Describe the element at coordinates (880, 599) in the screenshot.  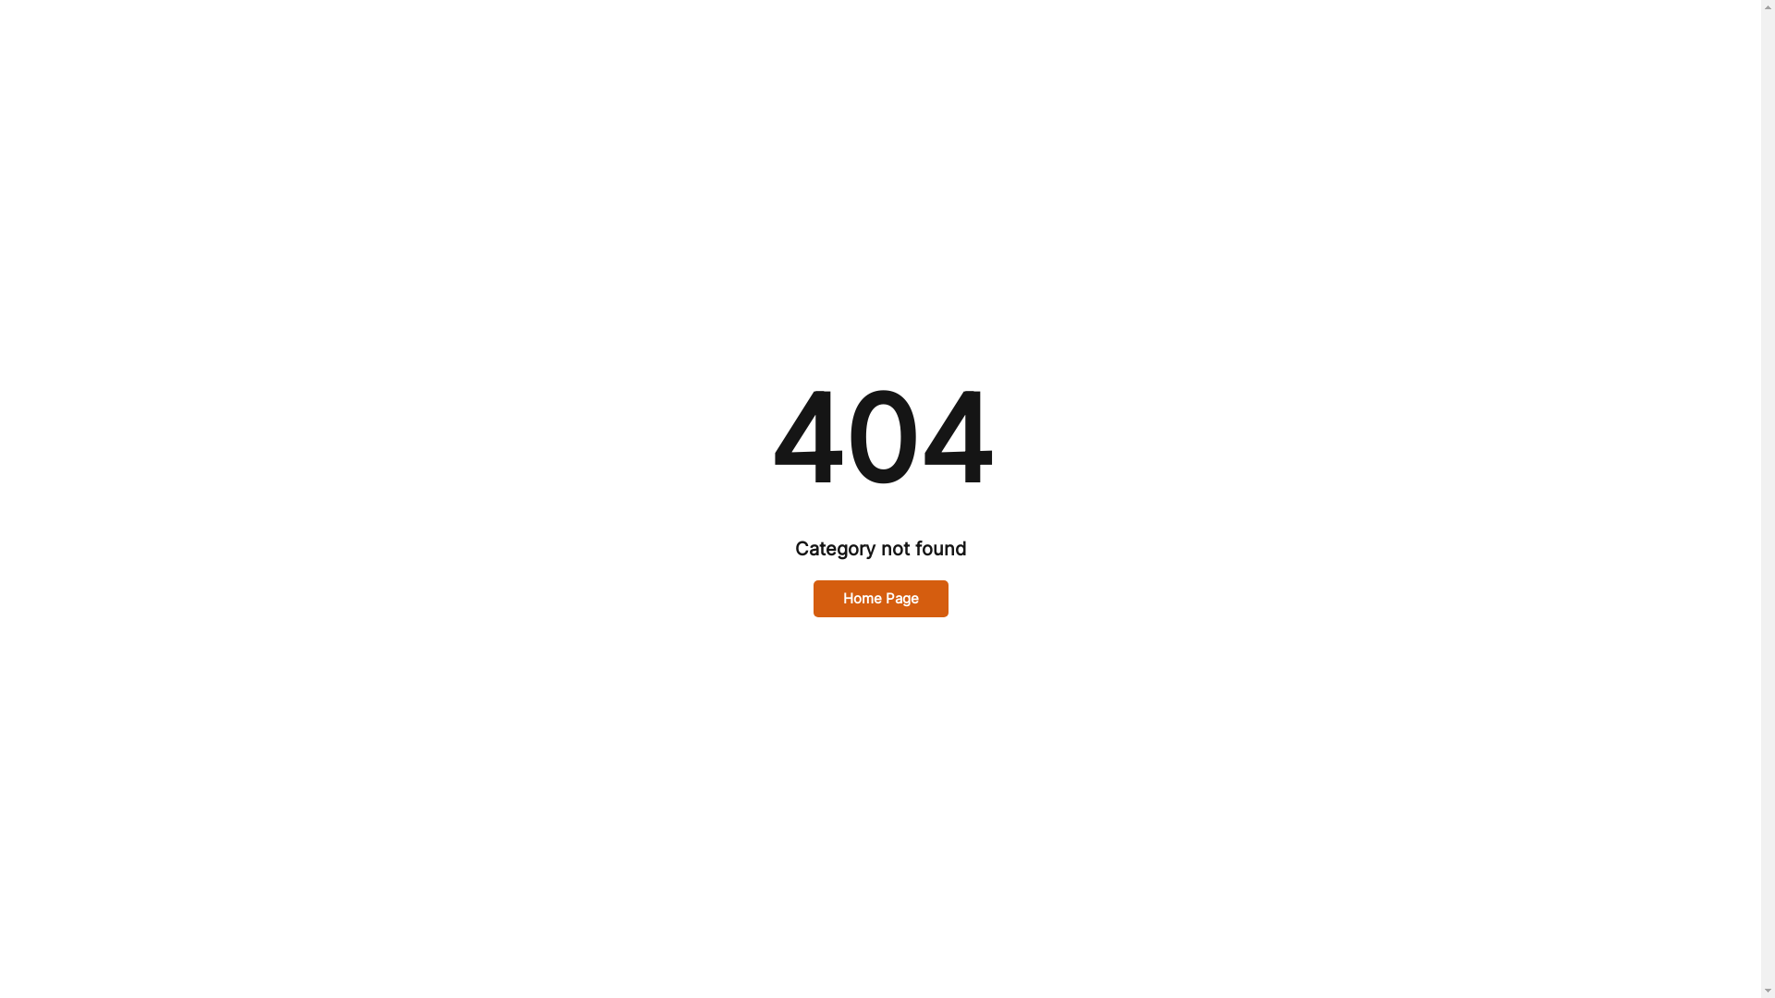
I see `'Home Page'` at that location.